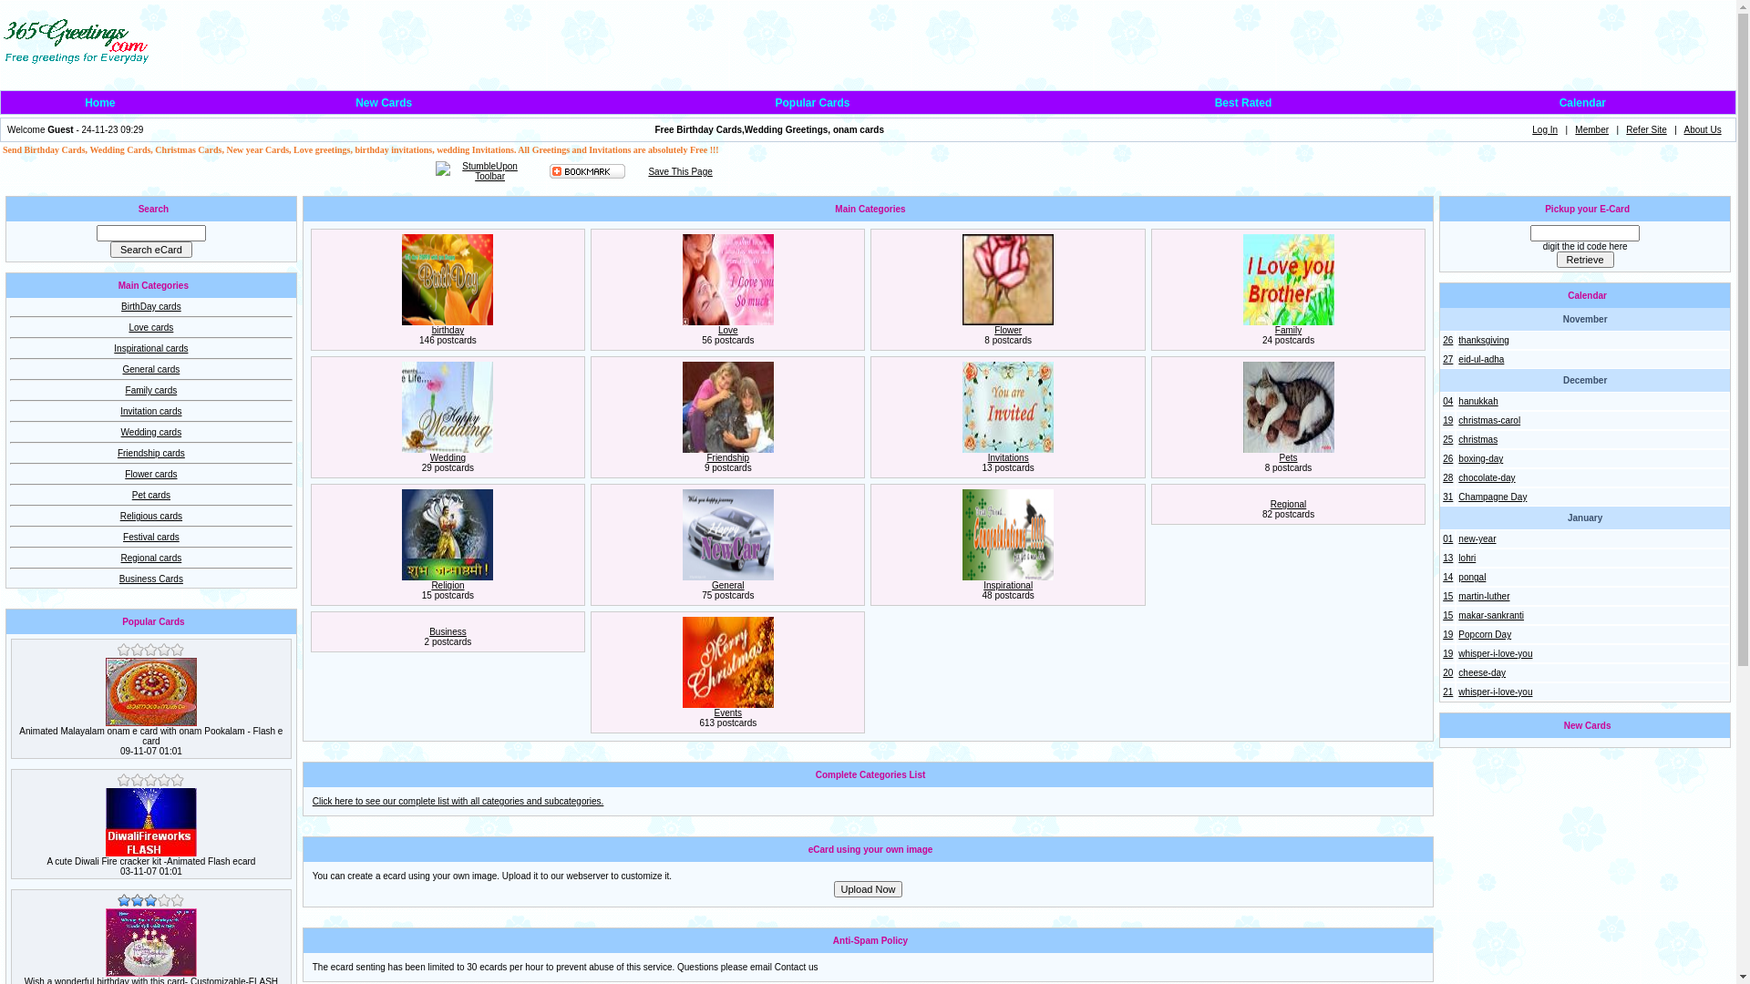  Describe the element at coordinates (1491, 615) in the screenshot. I see `'makar-sankranti'` at that location.